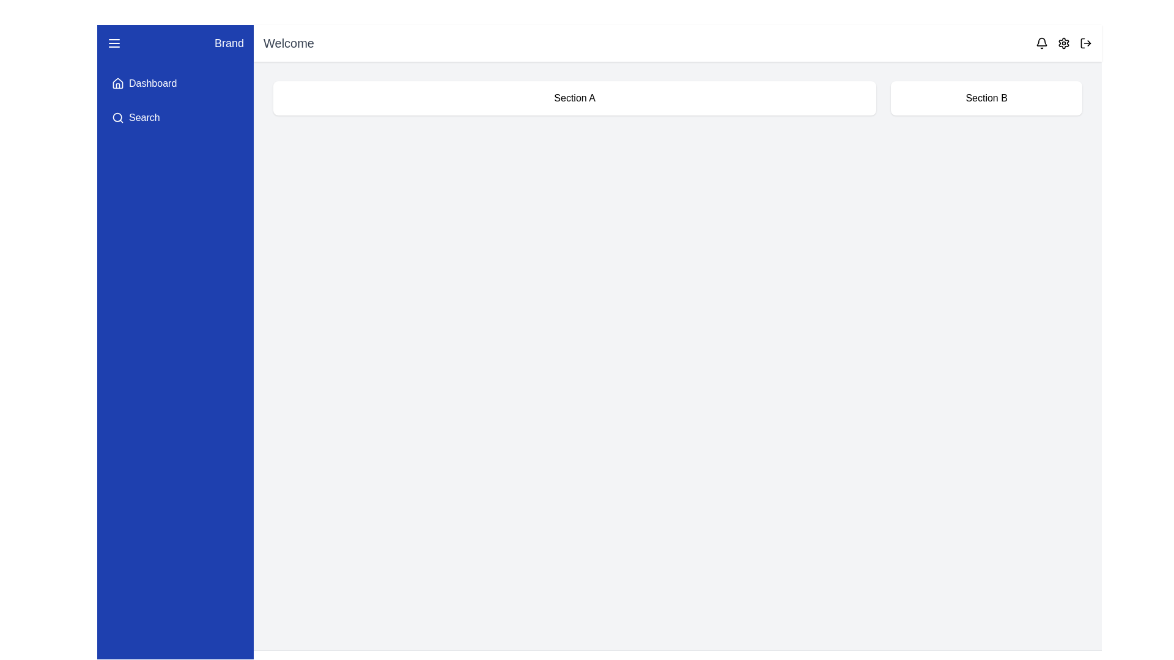 This screenshot has height=660, width=1174. I want to click on the lens portion of the magnifying glass icon representing the Search functionality located in the sidebar menu next to the 'Search' label under the 'Dashboard' section, so click(117, 117).